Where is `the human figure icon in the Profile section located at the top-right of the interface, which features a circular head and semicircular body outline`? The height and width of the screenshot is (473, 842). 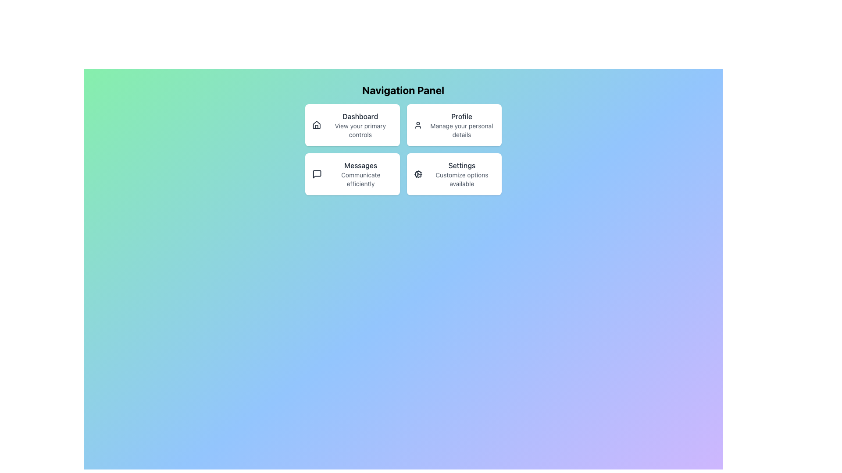
the human figure icon in the Profile section located at the top-right of the interface, which features a circular head and semicircular body outline is located at coordinates (417, 125).